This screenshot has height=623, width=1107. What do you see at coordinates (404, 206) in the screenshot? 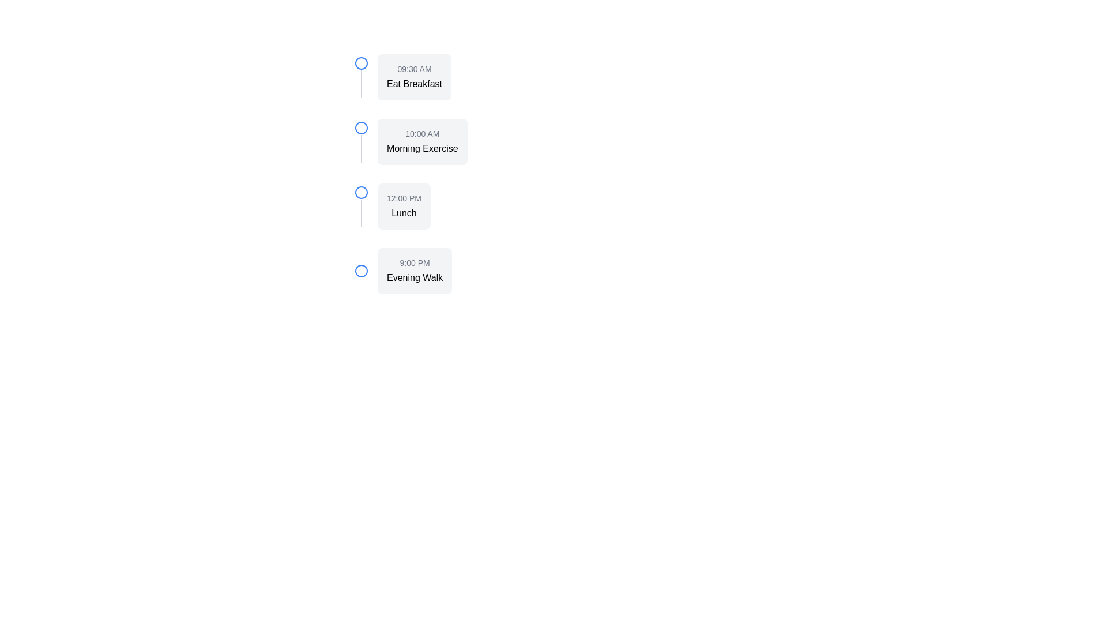
I see `the static display component that shows the 'Lunch' event scheduled at '12:00 PM', which is the third entry in the vertical timeline` at bounding box center [404, 206].